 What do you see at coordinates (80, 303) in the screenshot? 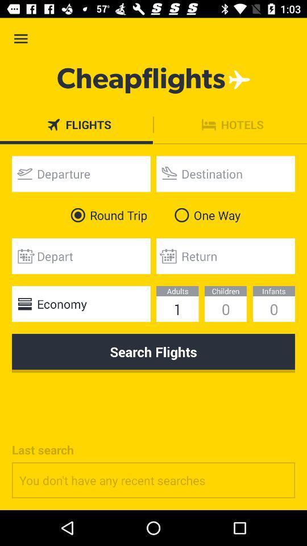
I see `the item next to the adults icon` at bounding box center [80, 303].